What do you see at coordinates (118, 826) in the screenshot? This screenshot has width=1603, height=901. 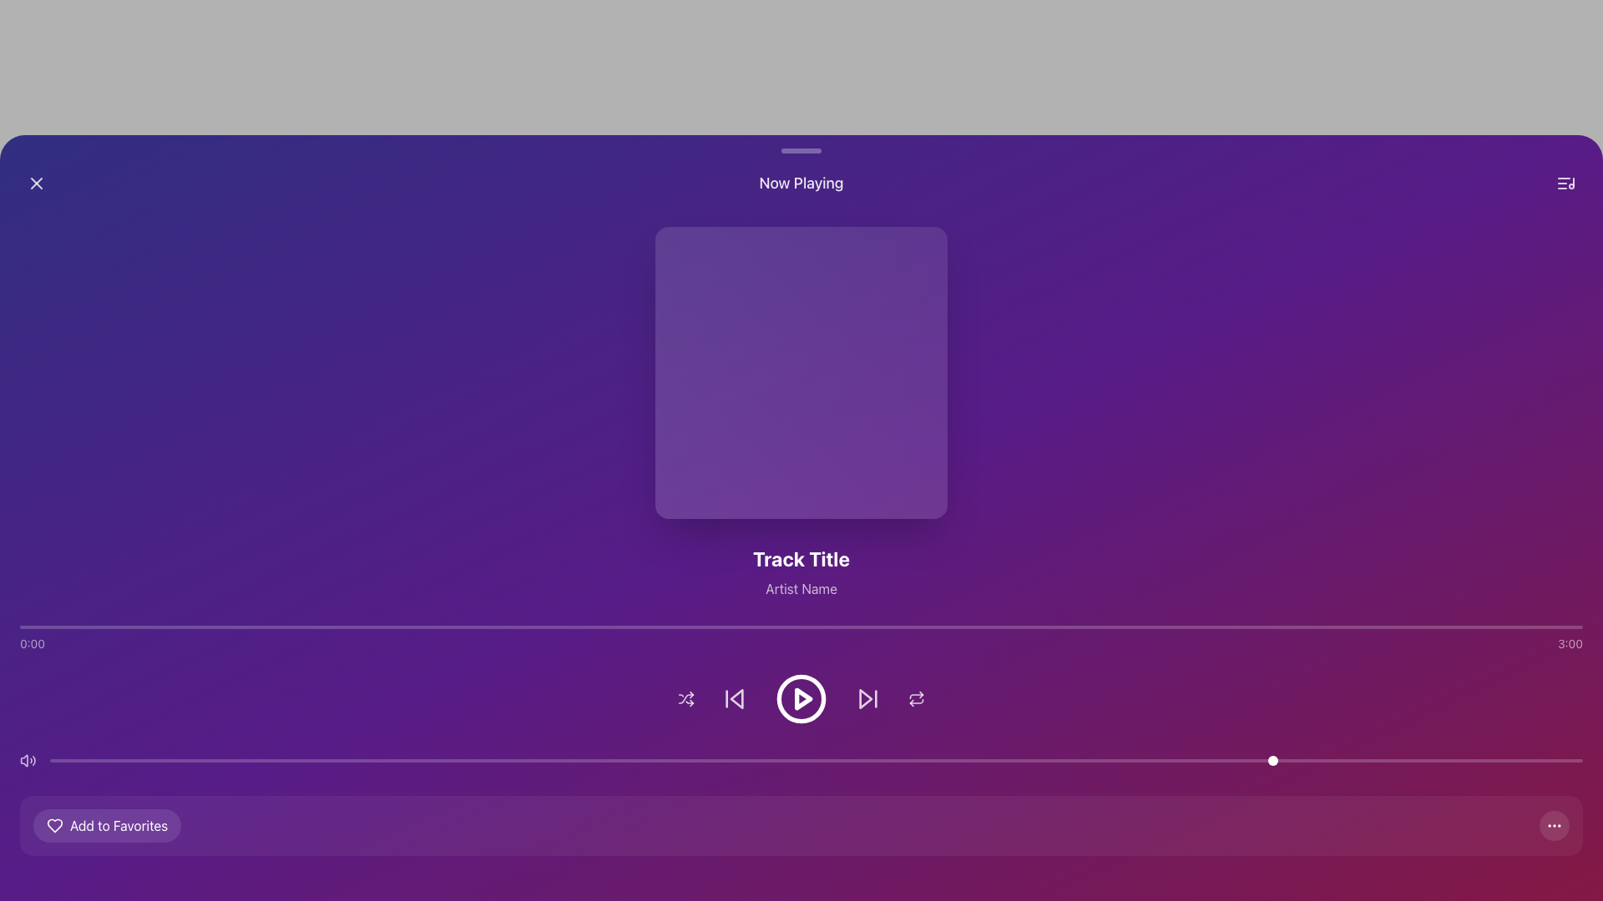 I see `the 'Add to Favorites' button, which features bold text with 'Favorites' highlighted in red and a white heart icon on the left` at bounding box center [118, 826].